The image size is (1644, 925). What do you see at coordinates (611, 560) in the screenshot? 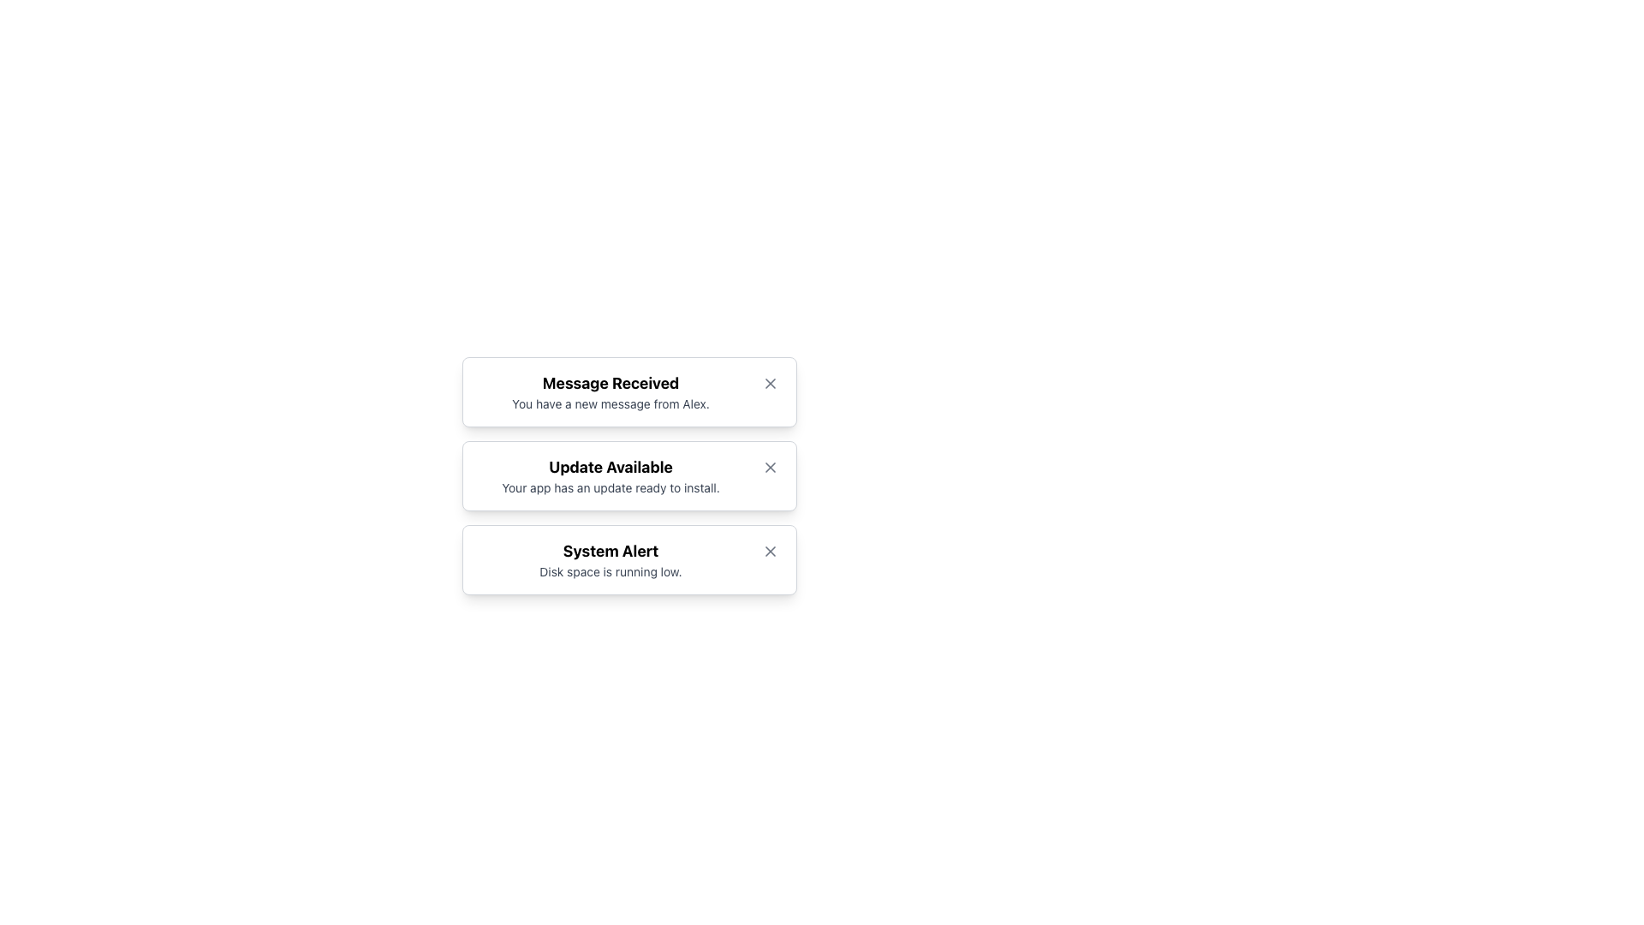
I see `text content of the third alert notification displaying 'System Alert' and 'Disk space is running low.'` at bounding box center [611, 560].